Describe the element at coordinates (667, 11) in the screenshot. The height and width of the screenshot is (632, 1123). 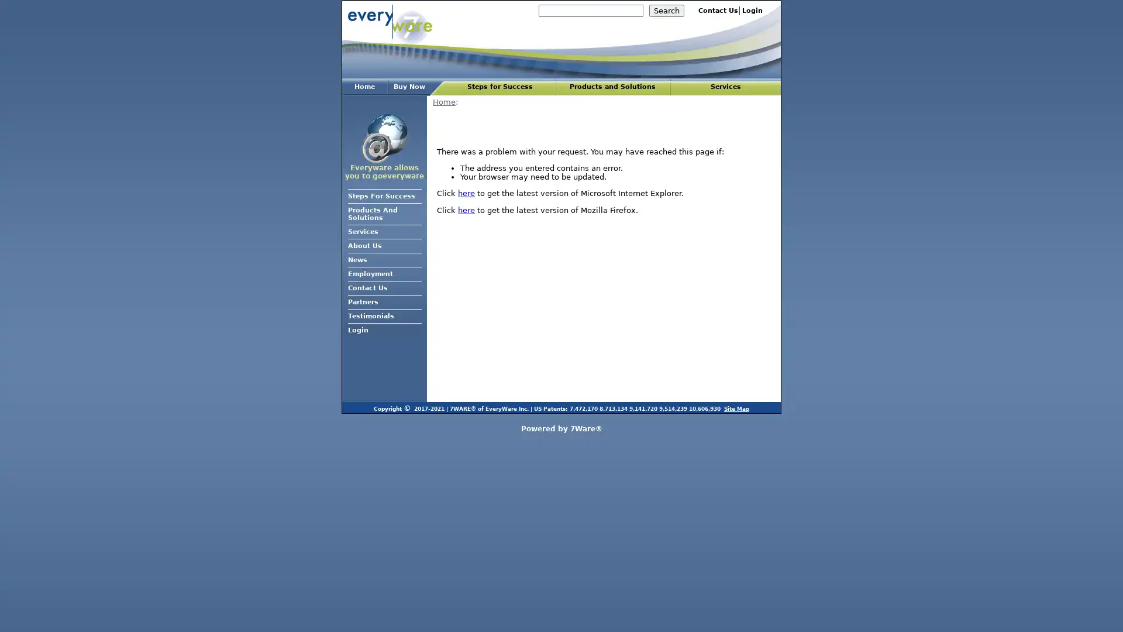
I see `Search` at that location.